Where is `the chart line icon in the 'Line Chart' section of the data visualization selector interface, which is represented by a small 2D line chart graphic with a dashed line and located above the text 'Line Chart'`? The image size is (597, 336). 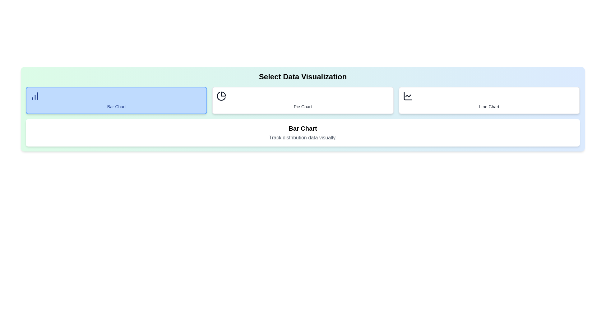 the chart line icon in the 'Line Chart' section of the data visualization selector interface, which is represented by a small 2D line chart graphic with a dashed line and located above the text 'Line Chart' is located at coordinates (408, 96).